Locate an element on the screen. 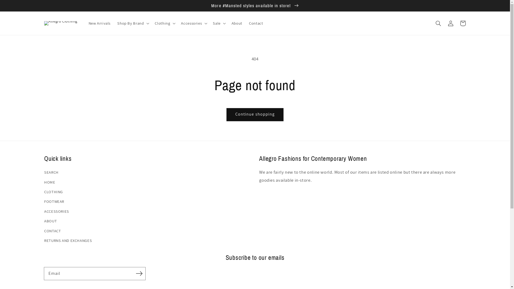  'FOOTWEAR' is located at coordinates (44, 201).